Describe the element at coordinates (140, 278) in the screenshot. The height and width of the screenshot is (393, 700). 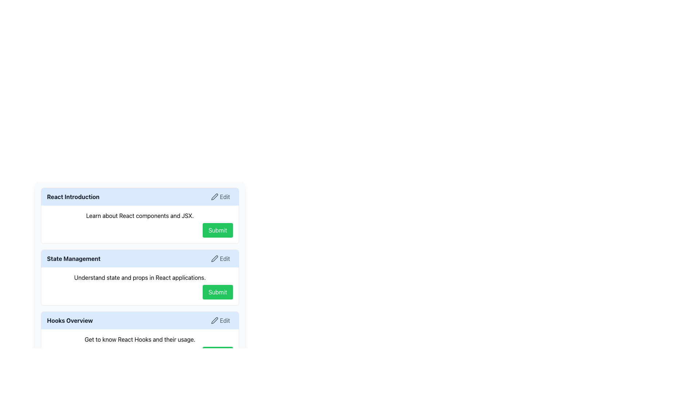
I see `the second card in the vertically stacked list, which displays information about 'State Management'` at that location.